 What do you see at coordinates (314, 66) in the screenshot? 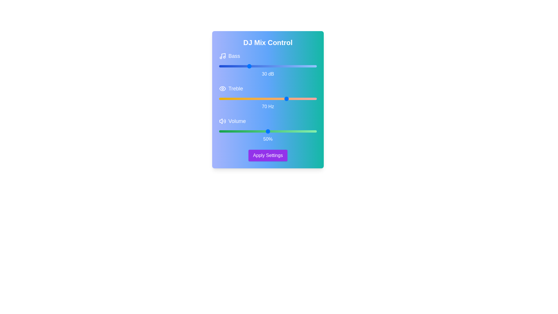
I see `the Bass slider to 97 dB` at bounding box center [314, 66].